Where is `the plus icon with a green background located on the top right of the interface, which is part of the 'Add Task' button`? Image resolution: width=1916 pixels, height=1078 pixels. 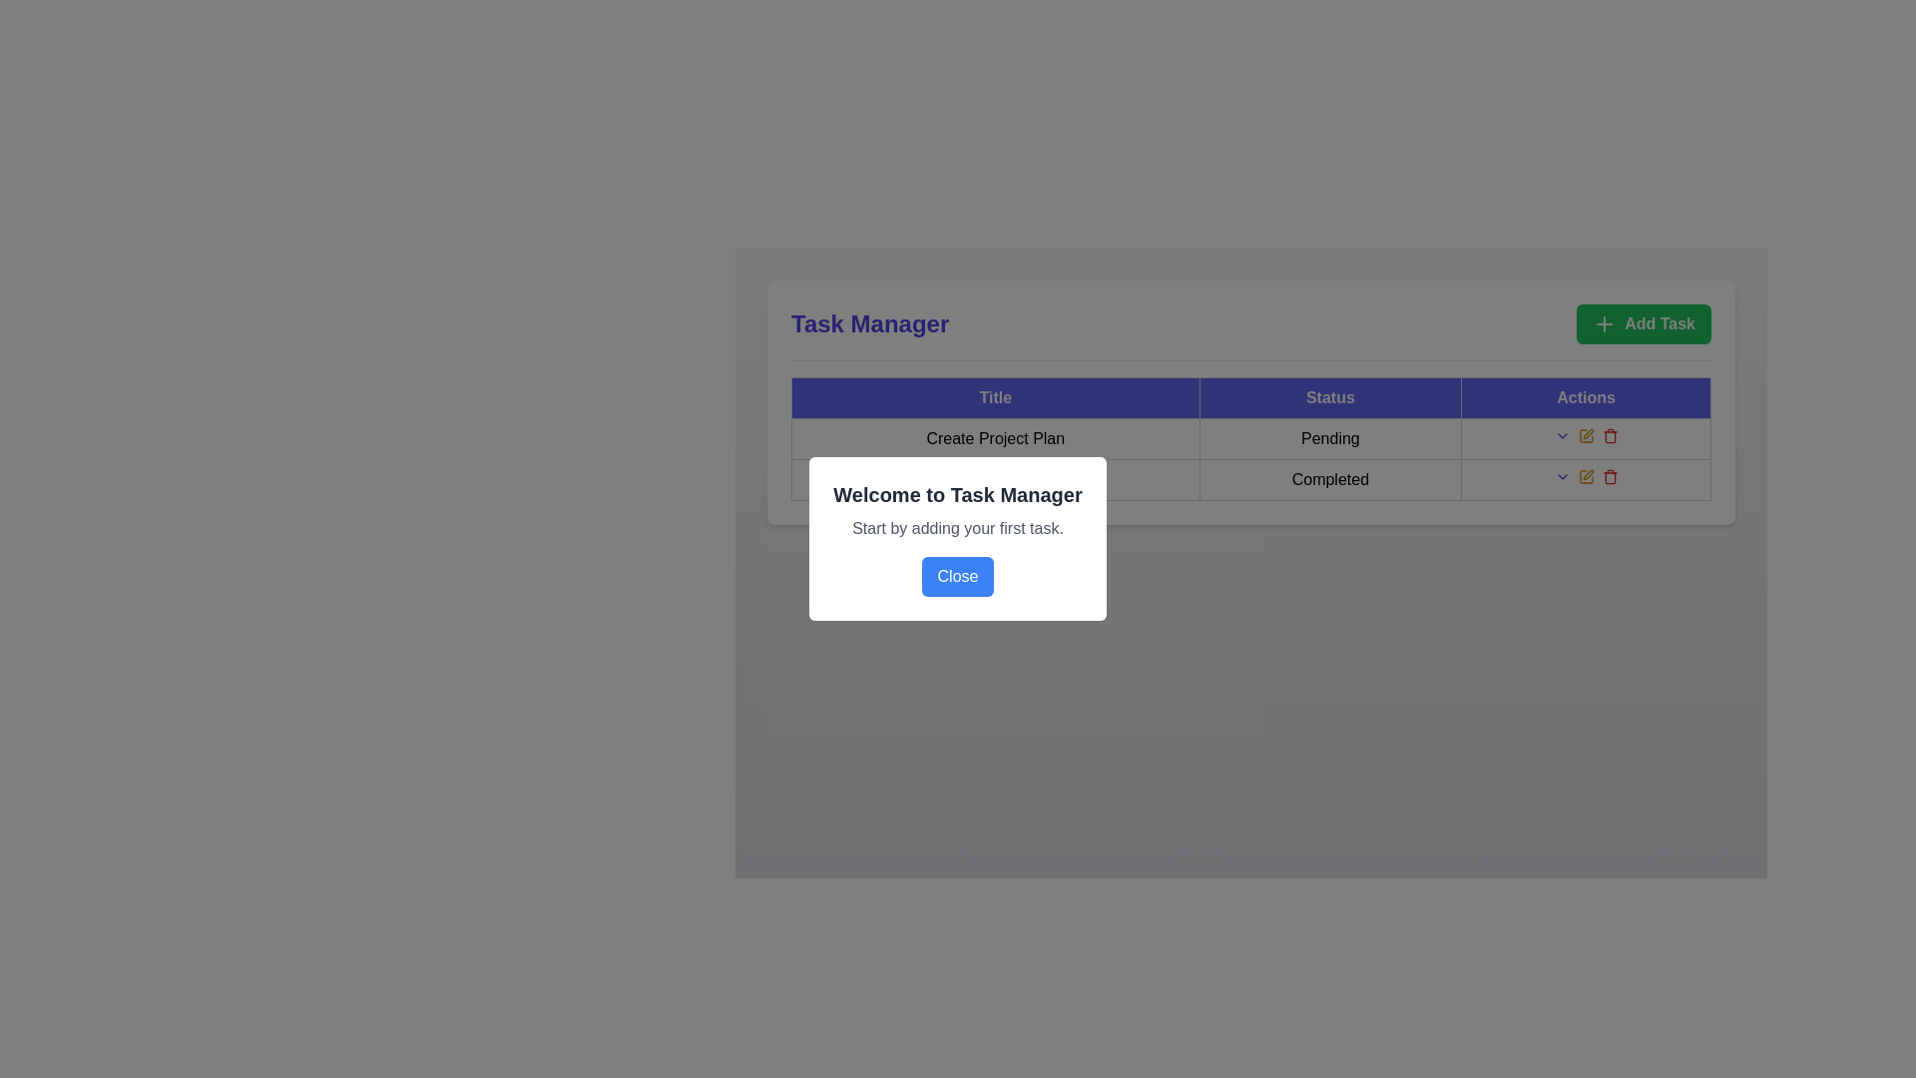 the plus icon with a green background located on the top right of the interface, which is part of the 'Add Task' button is located at coordinates (1605, 322).